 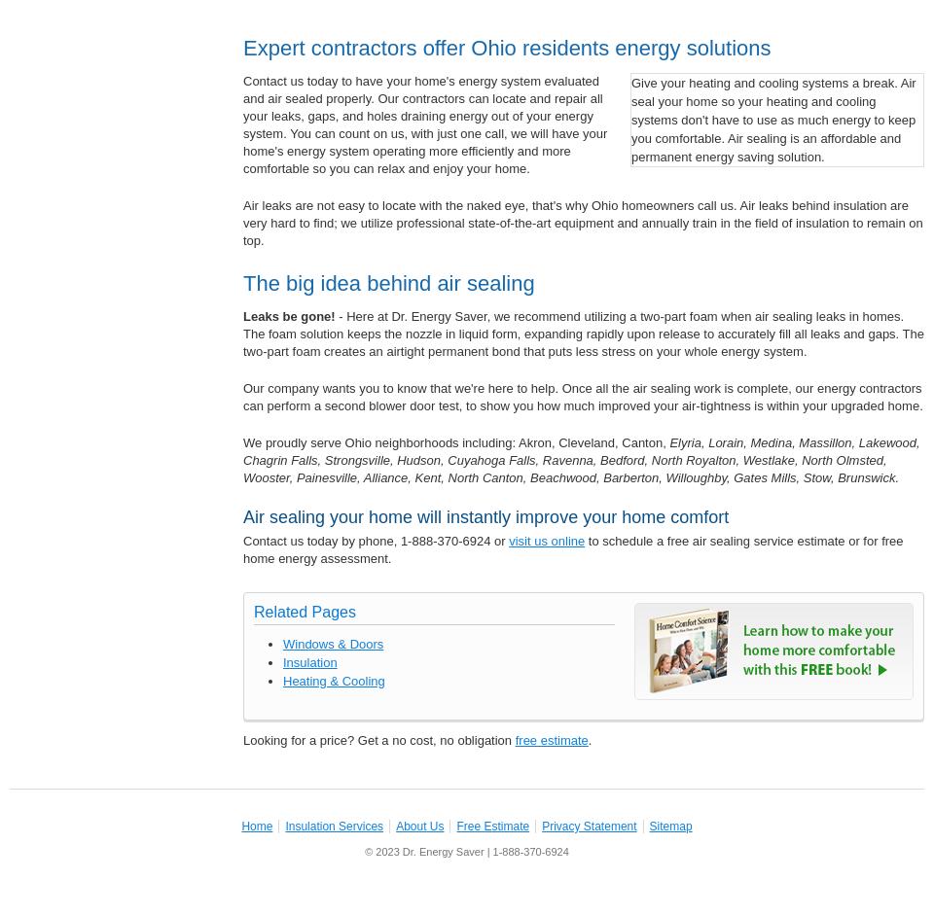 I want to click on 'to schedule a free air sealing service estimate or for free home energy assessment.', so click(x=572, y=548).